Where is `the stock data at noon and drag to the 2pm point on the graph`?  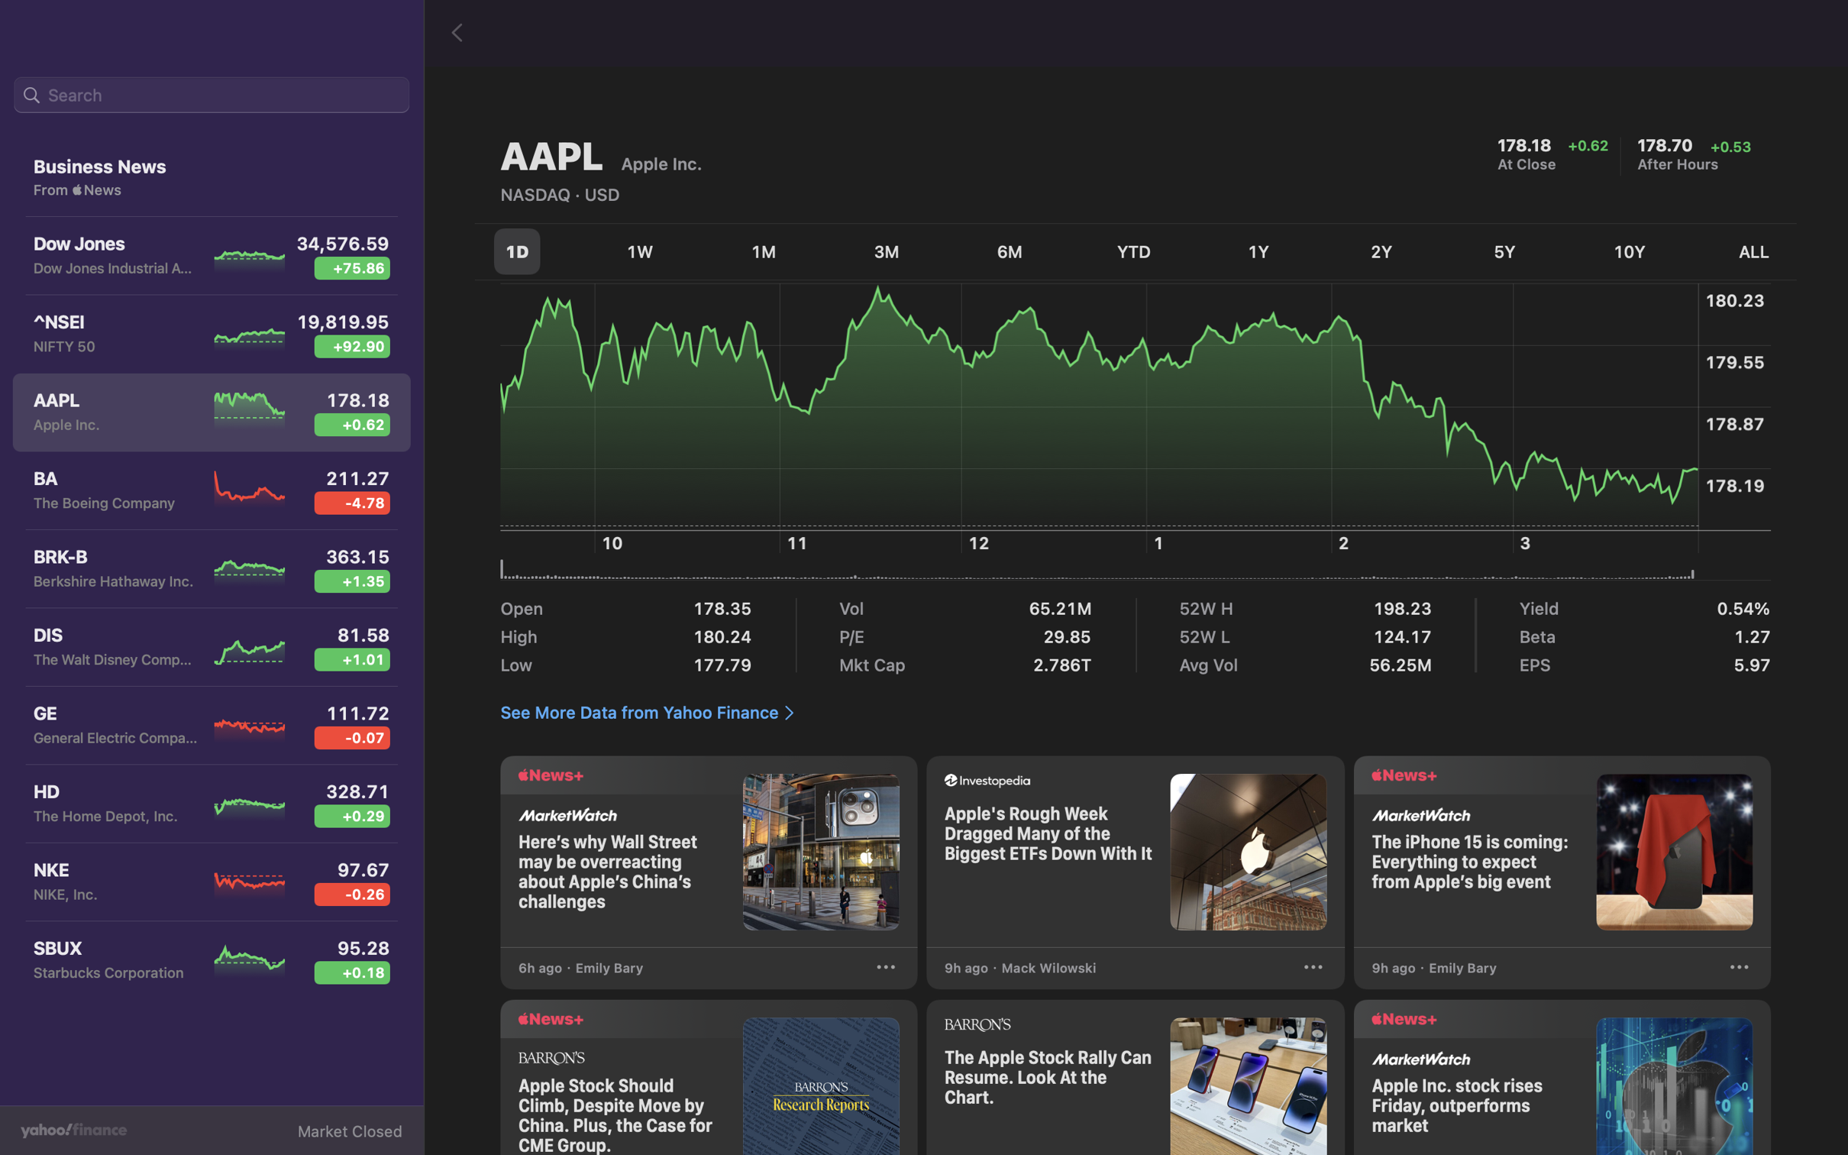 the stock data at noon and drag to the 2pm point on the graph is located at coordinates (2832984, 795217).